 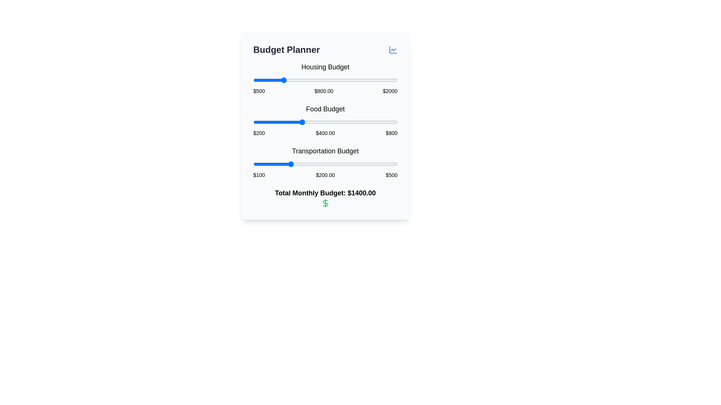 I want to click on the text display that conveys the minimum allowed budget value for the Transportation category, which is located in the Transportation Budget segment, so click(x=259, y=175).